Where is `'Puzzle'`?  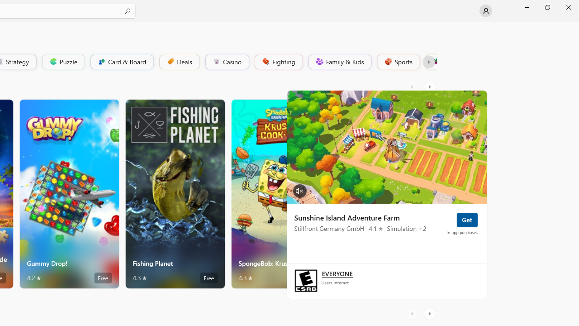 'Puzzle' is located at coordinates (62, 61).